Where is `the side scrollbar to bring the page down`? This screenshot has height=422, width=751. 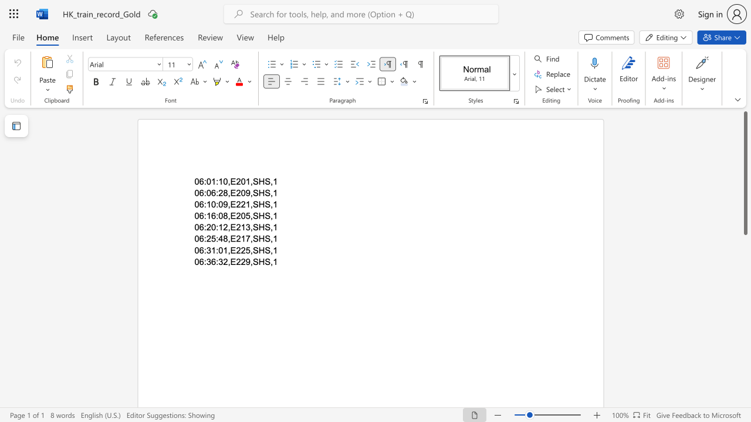 the side scrollbar to bring the page down is located at coordinates (745, 334).